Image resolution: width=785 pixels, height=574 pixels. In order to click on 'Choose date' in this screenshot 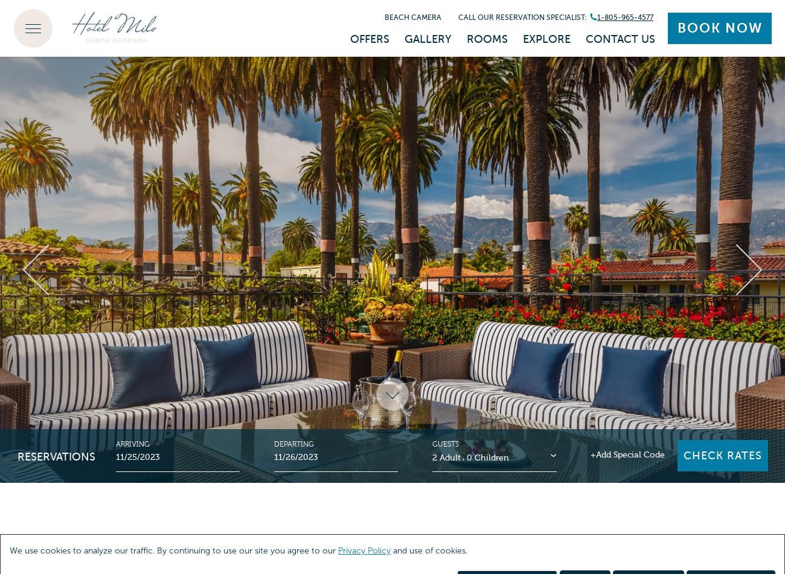, I will do `click(34, 454)`.